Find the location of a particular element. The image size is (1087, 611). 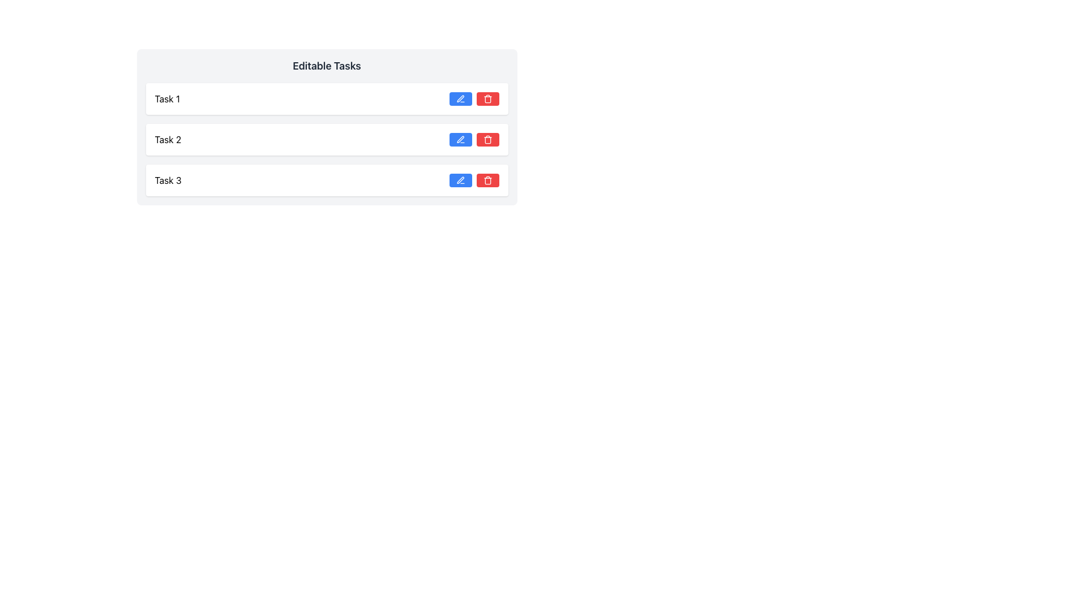

the trash bin icon button in the control group for 'Task 2' is located at coordinates (487, 139).